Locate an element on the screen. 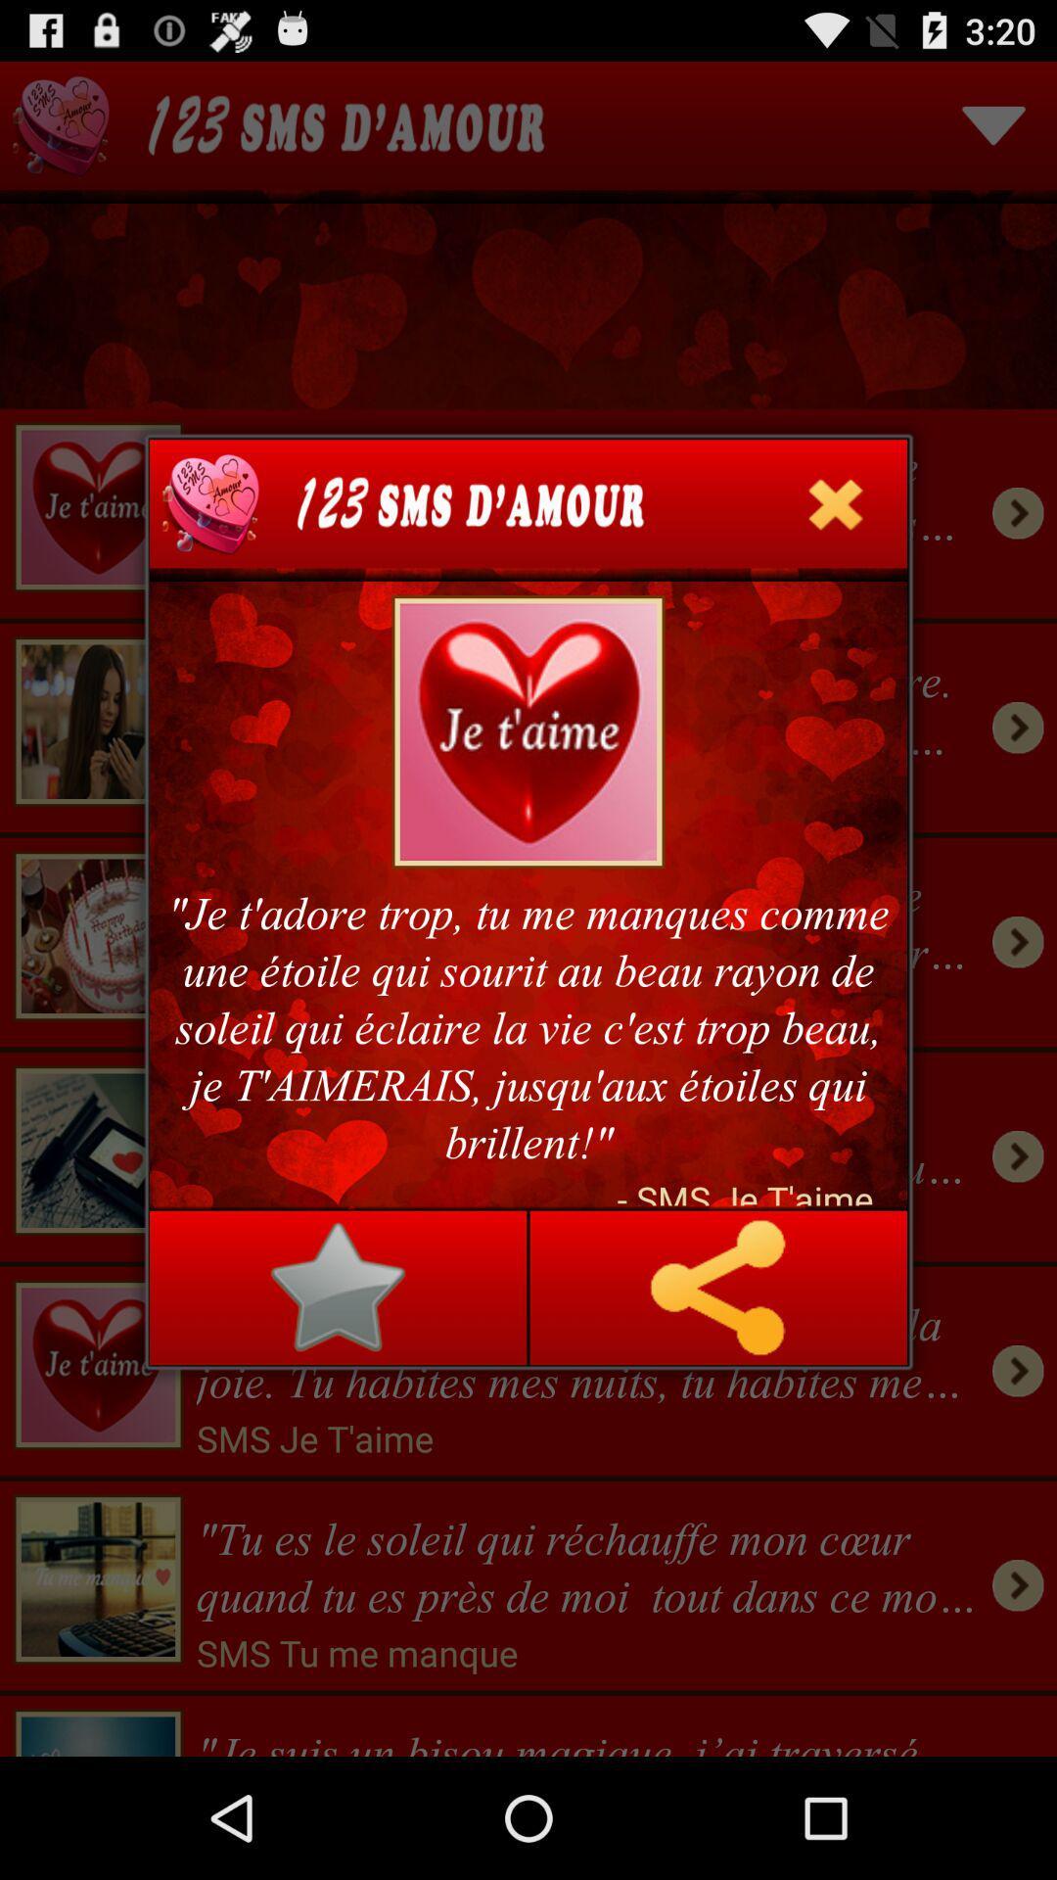 The height and width of the screenshot is (1880, 1057). icon at the bottom left corner is located at coordinates (337, 1288).